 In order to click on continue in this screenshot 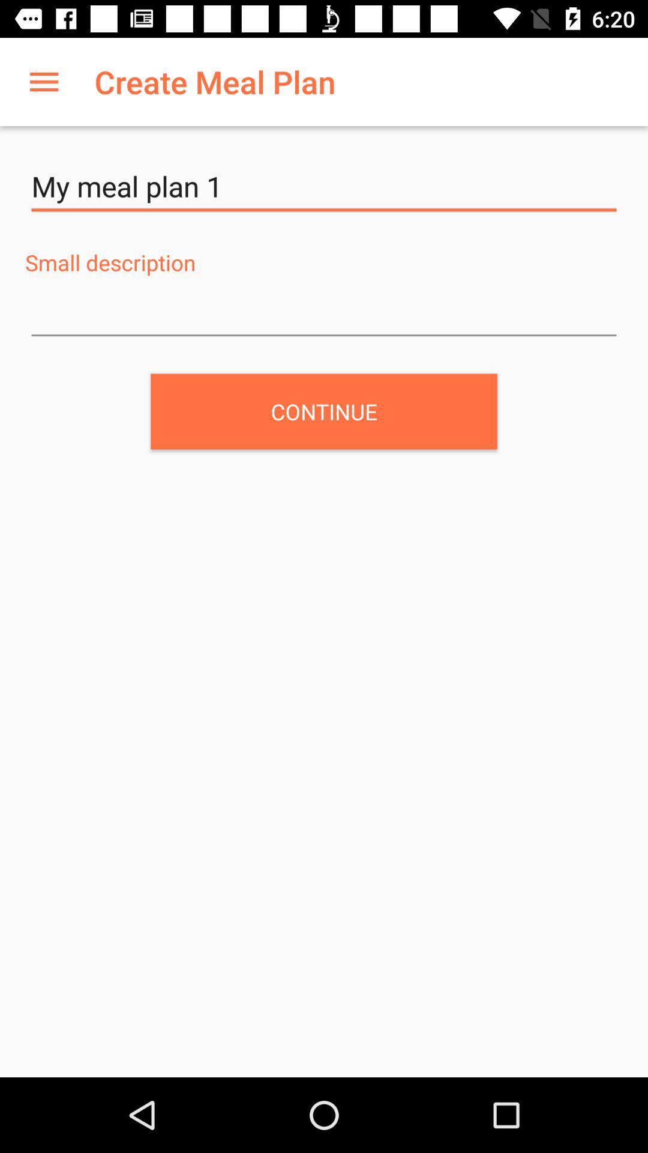, I will do `click(324, 411)`.